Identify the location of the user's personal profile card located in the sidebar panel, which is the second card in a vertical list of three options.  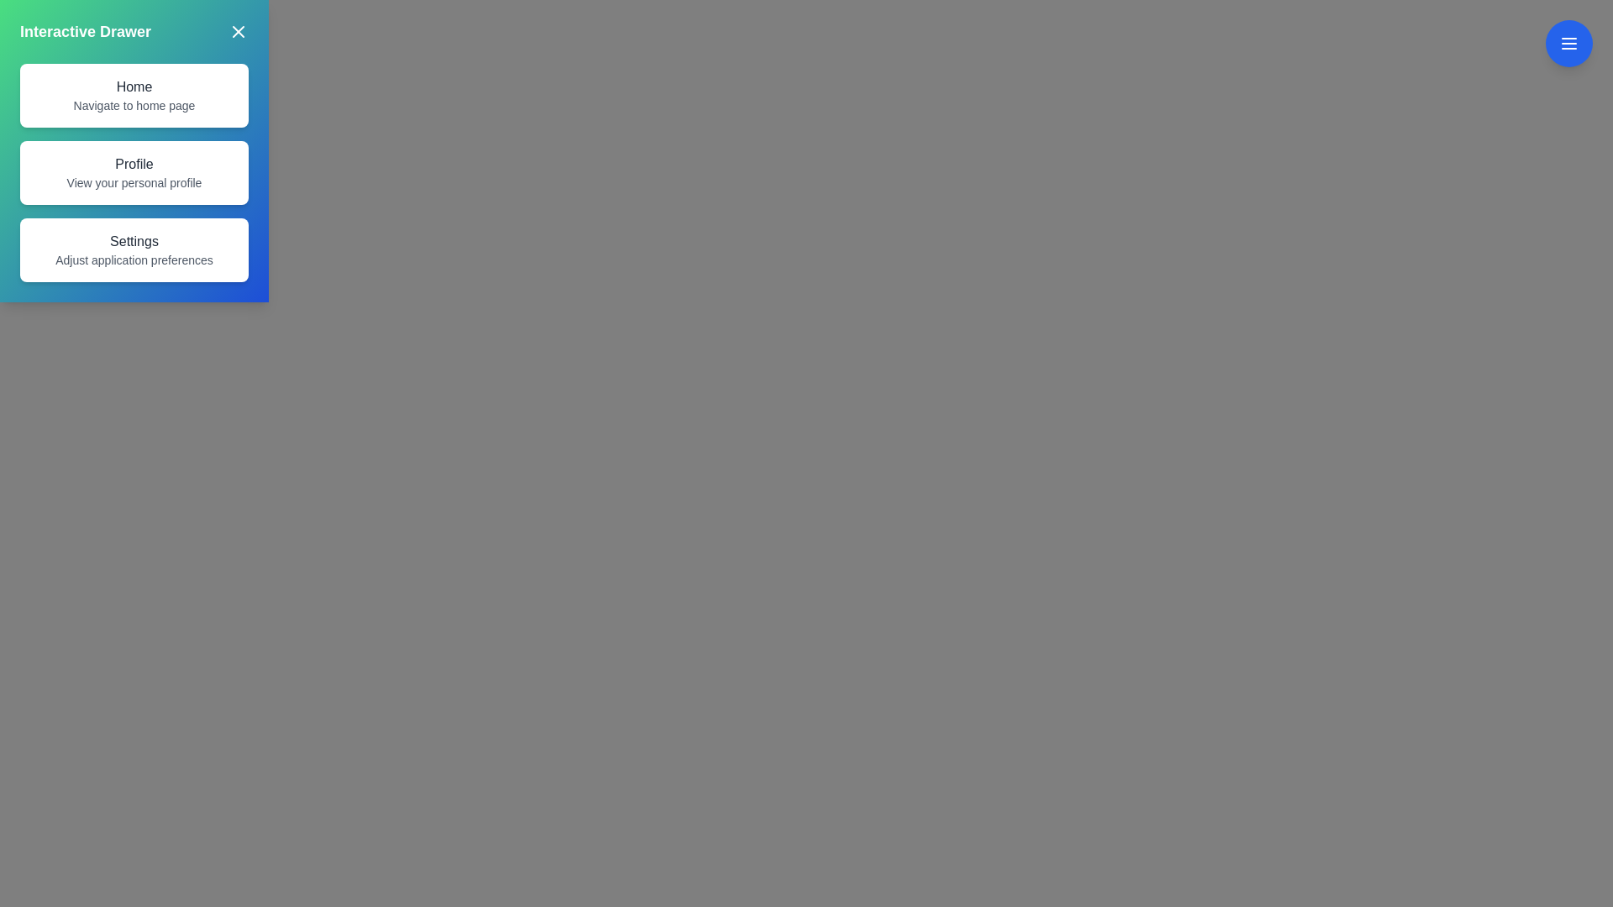
(133, 172).